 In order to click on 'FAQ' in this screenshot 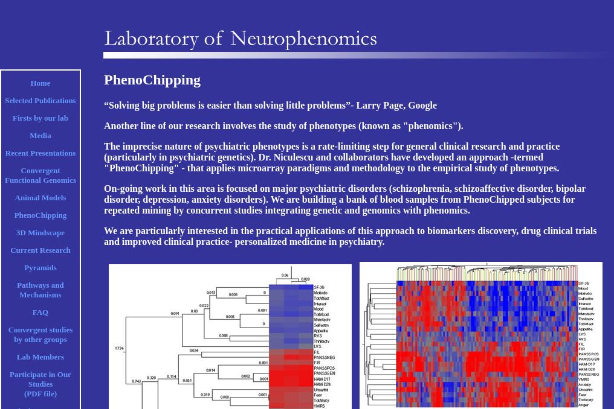, I will do `click(40, 312)`.